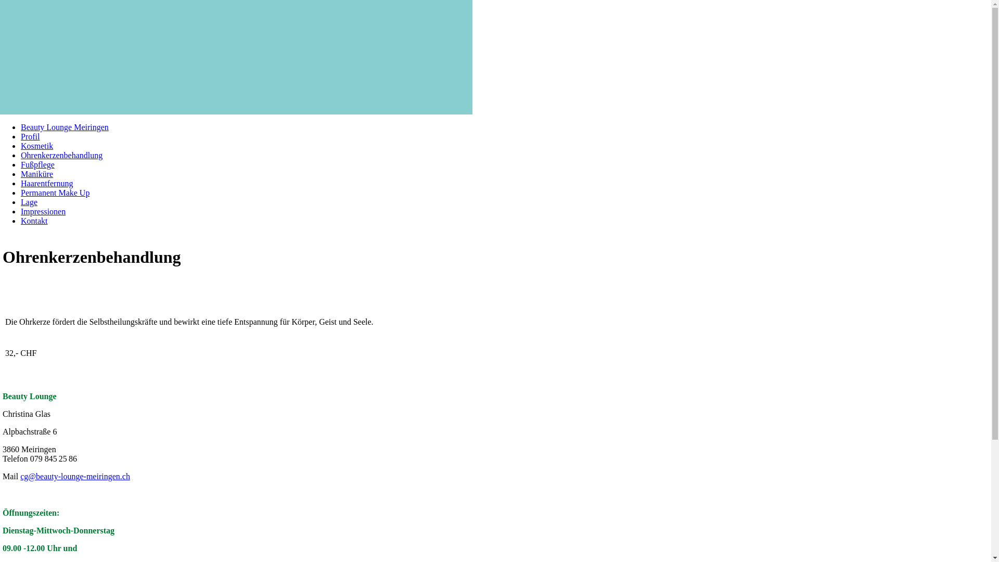  I want to click on 'Profil', so click(30, 136).